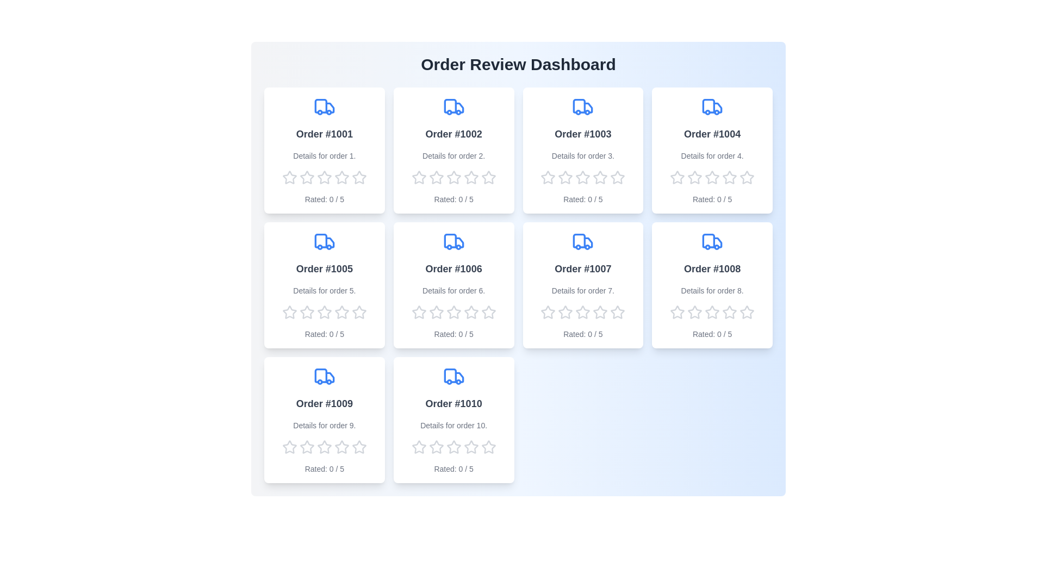  What do you see at coordinates (324, 177) in the screenshot?
I see `the rating of the order to 3 stars by clicking on the corresponding star` at bounding box center [324, 177].